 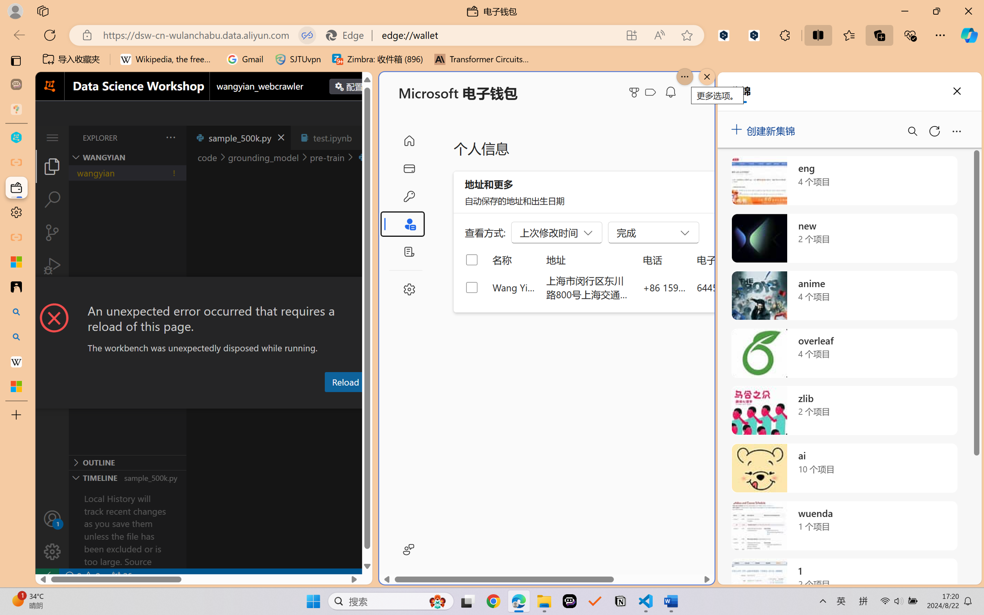 What do you see at coordinates (969, 35) in the screenshot?
I see `'Copilot (Ctrl+Shift+.)'` at bounding box center [969, 35].